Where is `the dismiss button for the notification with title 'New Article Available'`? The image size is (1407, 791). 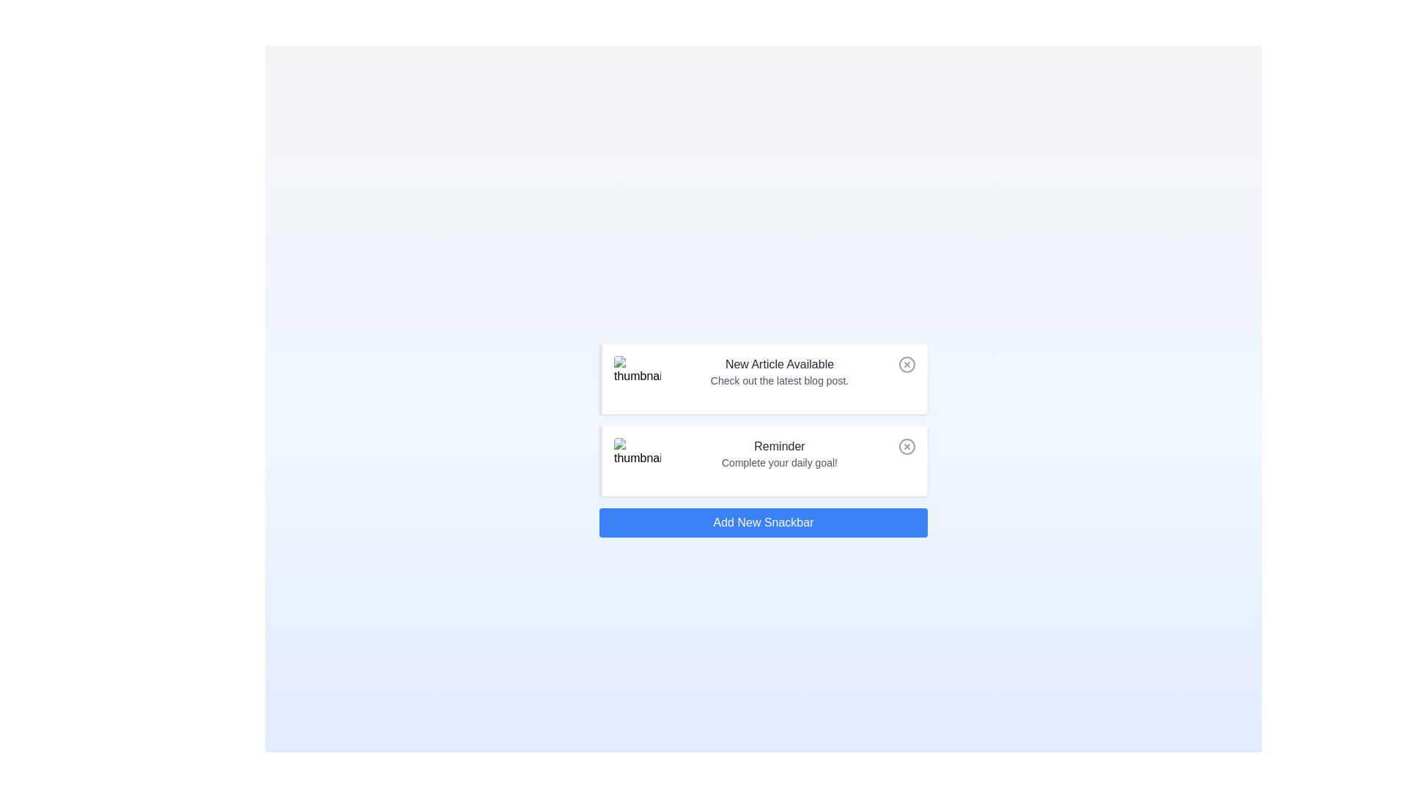
the dismiss button for the notification with title 'New Article Available' is located at coordinates (906, 363).